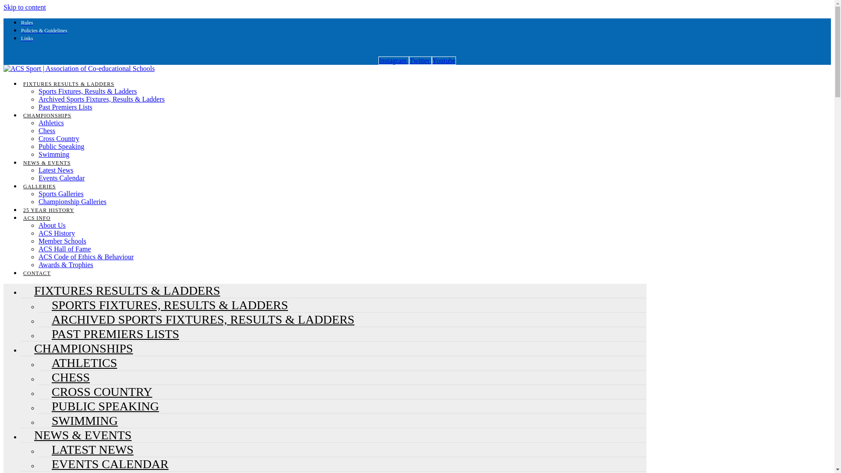 The image size is (841, 473). What do you see at coordinates (25, 7) in the screenshot?
I see `'Skip to content'` at bounding box center [25, 7].